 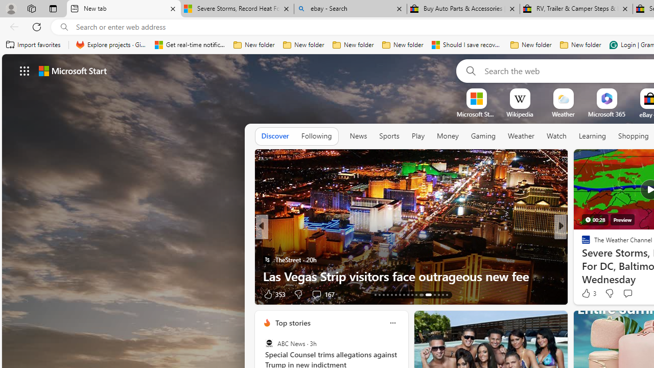 I want to click on '99 Like', so click(x=587, y=294).